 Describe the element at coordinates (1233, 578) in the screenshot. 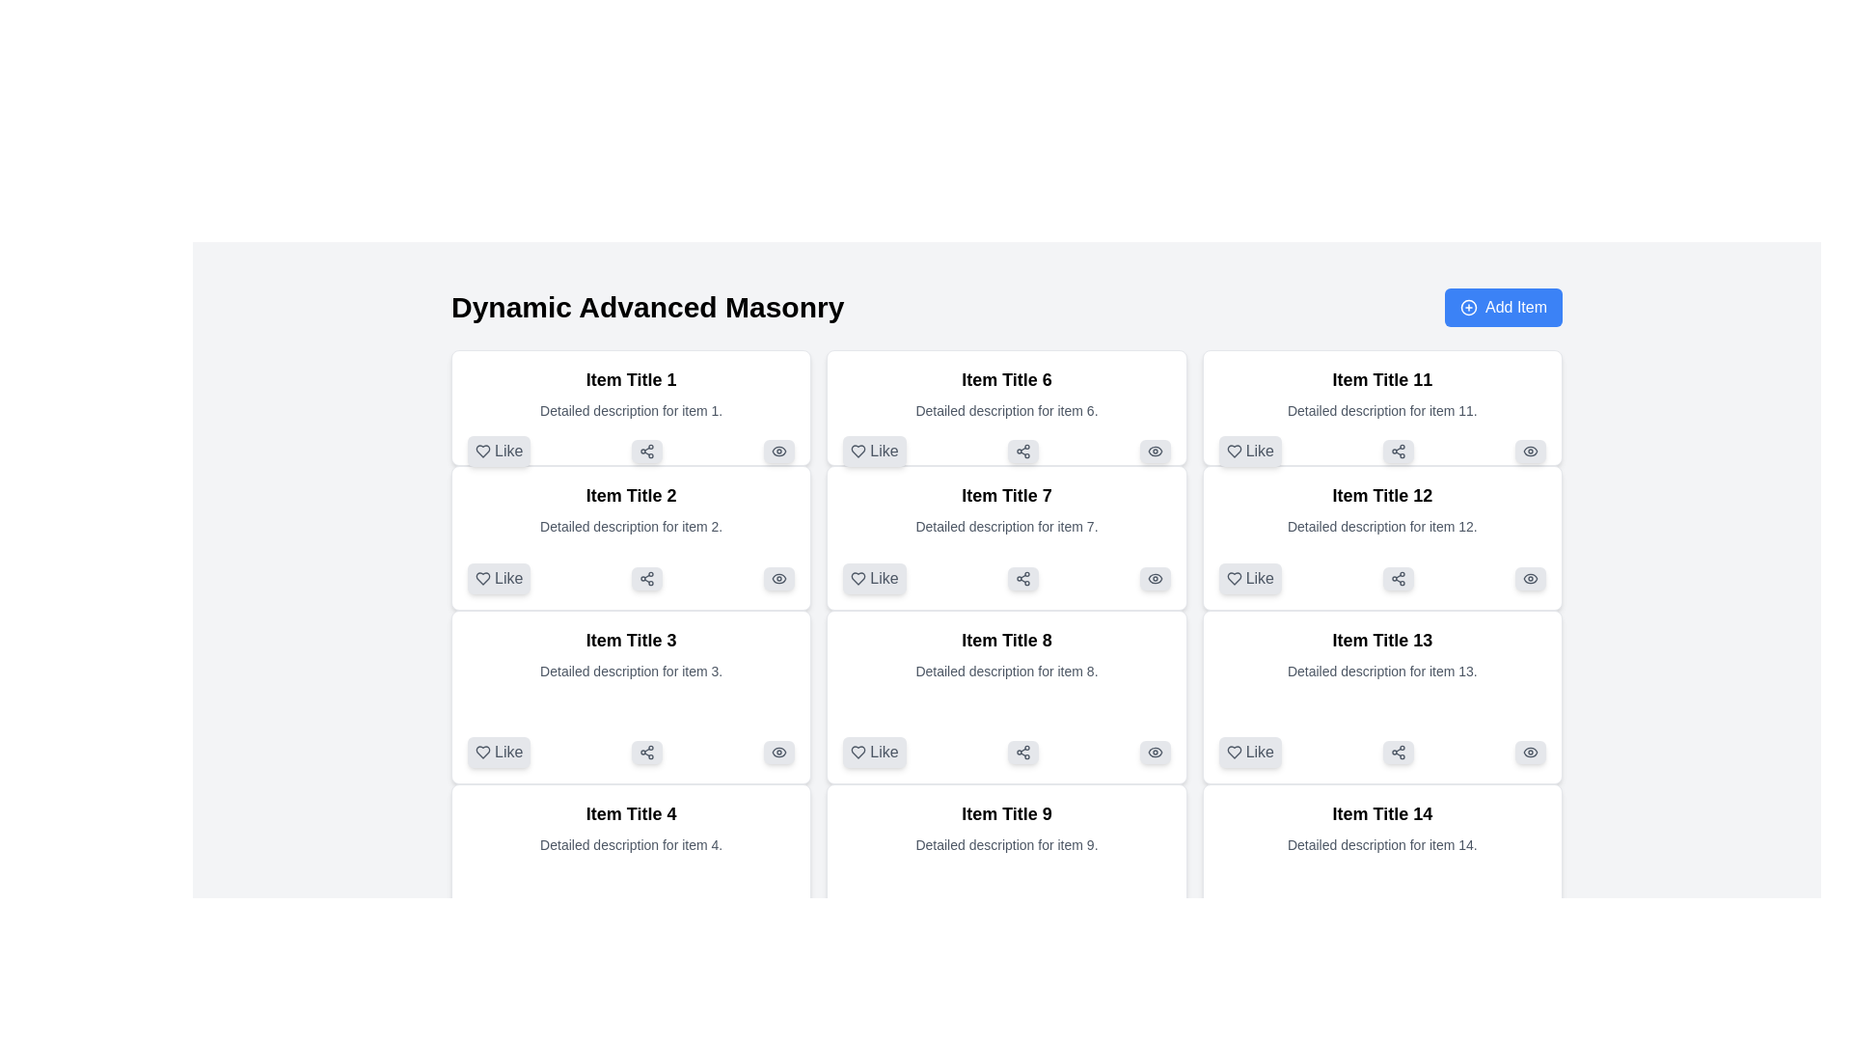

I see `the heart icon representing the 'like' or 'favorite' option for the item titled 'Item Title 12'` at that location.